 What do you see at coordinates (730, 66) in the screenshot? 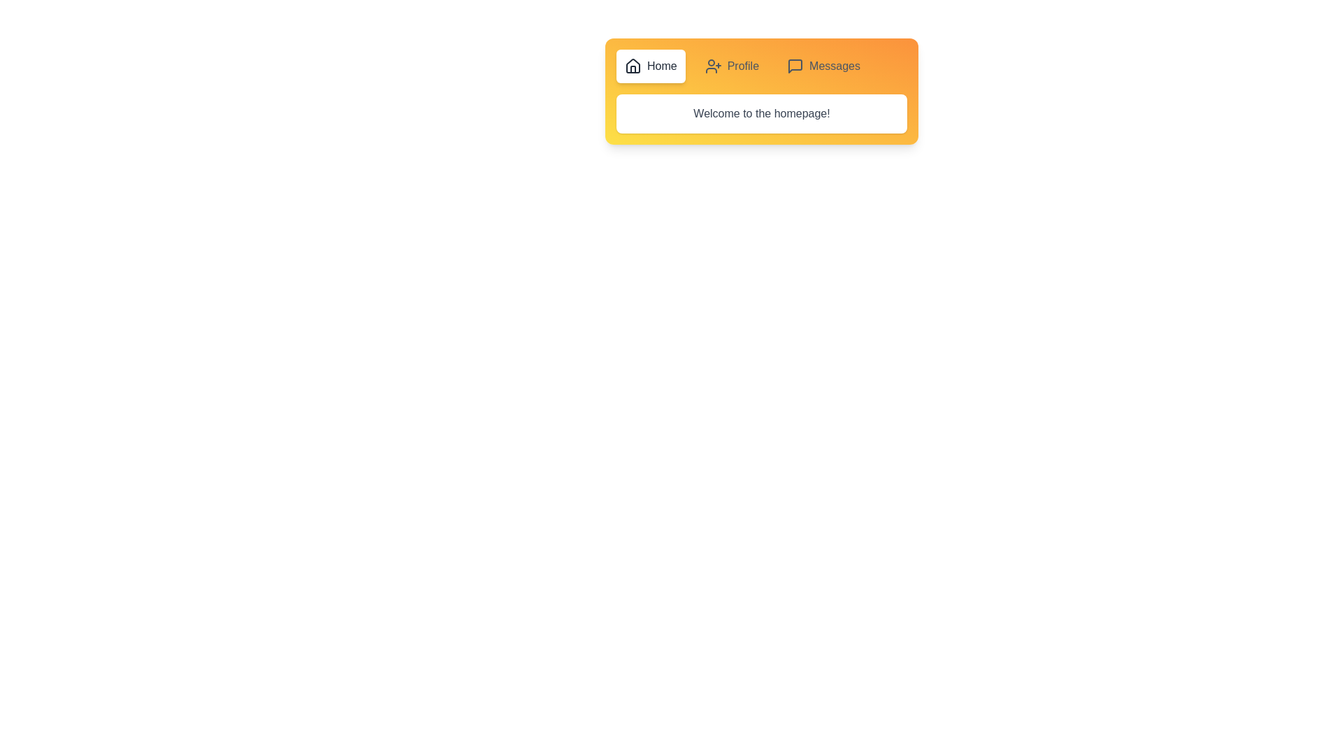
I see `the Profile tab by clicking on its respective button` at bounding box center [730, 66].